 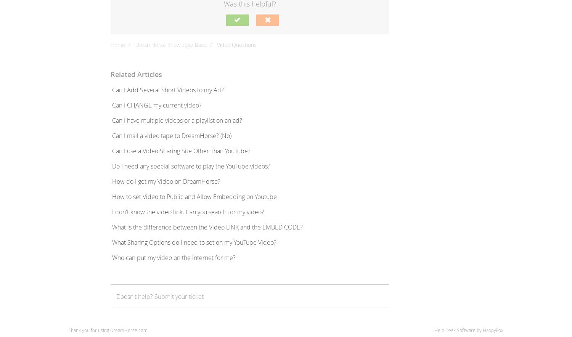 I want to click on 'What is the difference between the Video LINK and the EMBED CODE?', so click(x=207, y=227).